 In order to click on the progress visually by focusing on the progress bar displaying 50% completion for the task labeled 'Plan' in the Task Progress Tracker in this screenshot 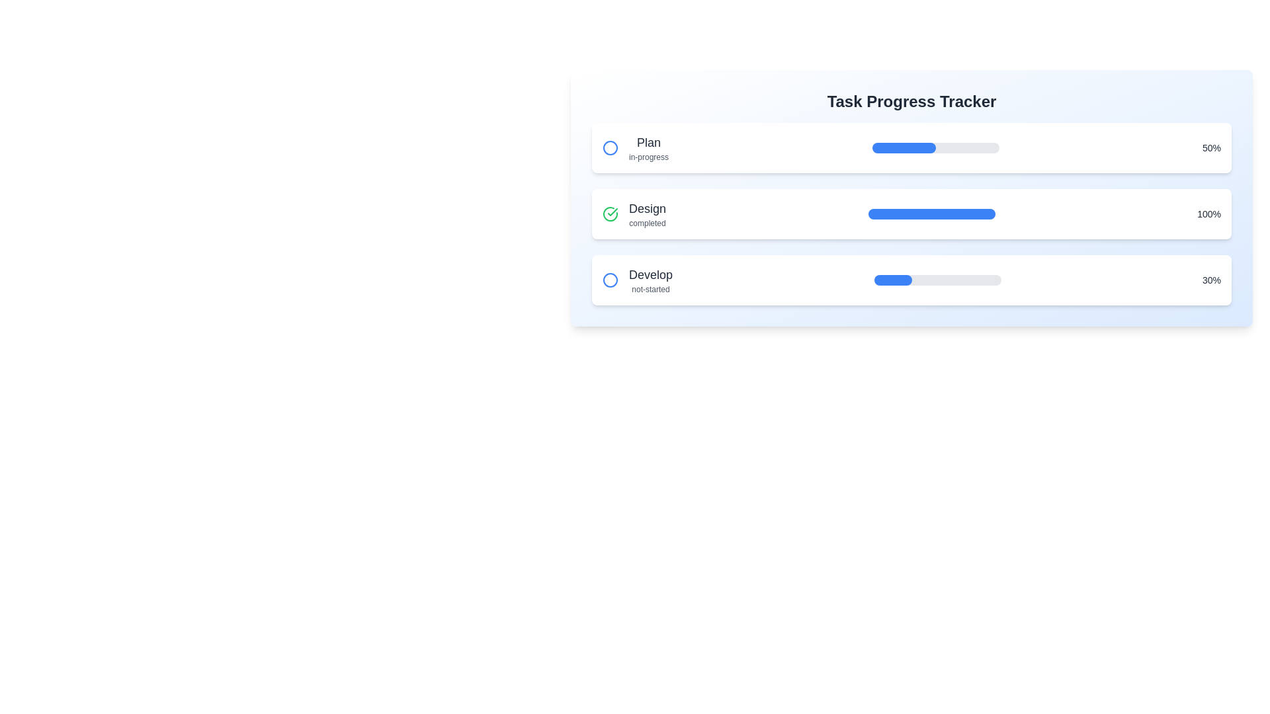, I will do `click(935, 147)`.